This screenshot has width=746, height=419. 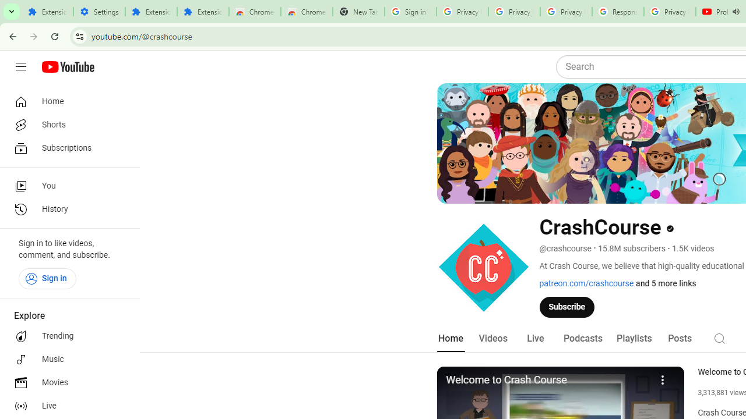 What do you see at coordinates (680, 338) in the screenshot?
I see `'Posts'` at bounding box center [680, 338].